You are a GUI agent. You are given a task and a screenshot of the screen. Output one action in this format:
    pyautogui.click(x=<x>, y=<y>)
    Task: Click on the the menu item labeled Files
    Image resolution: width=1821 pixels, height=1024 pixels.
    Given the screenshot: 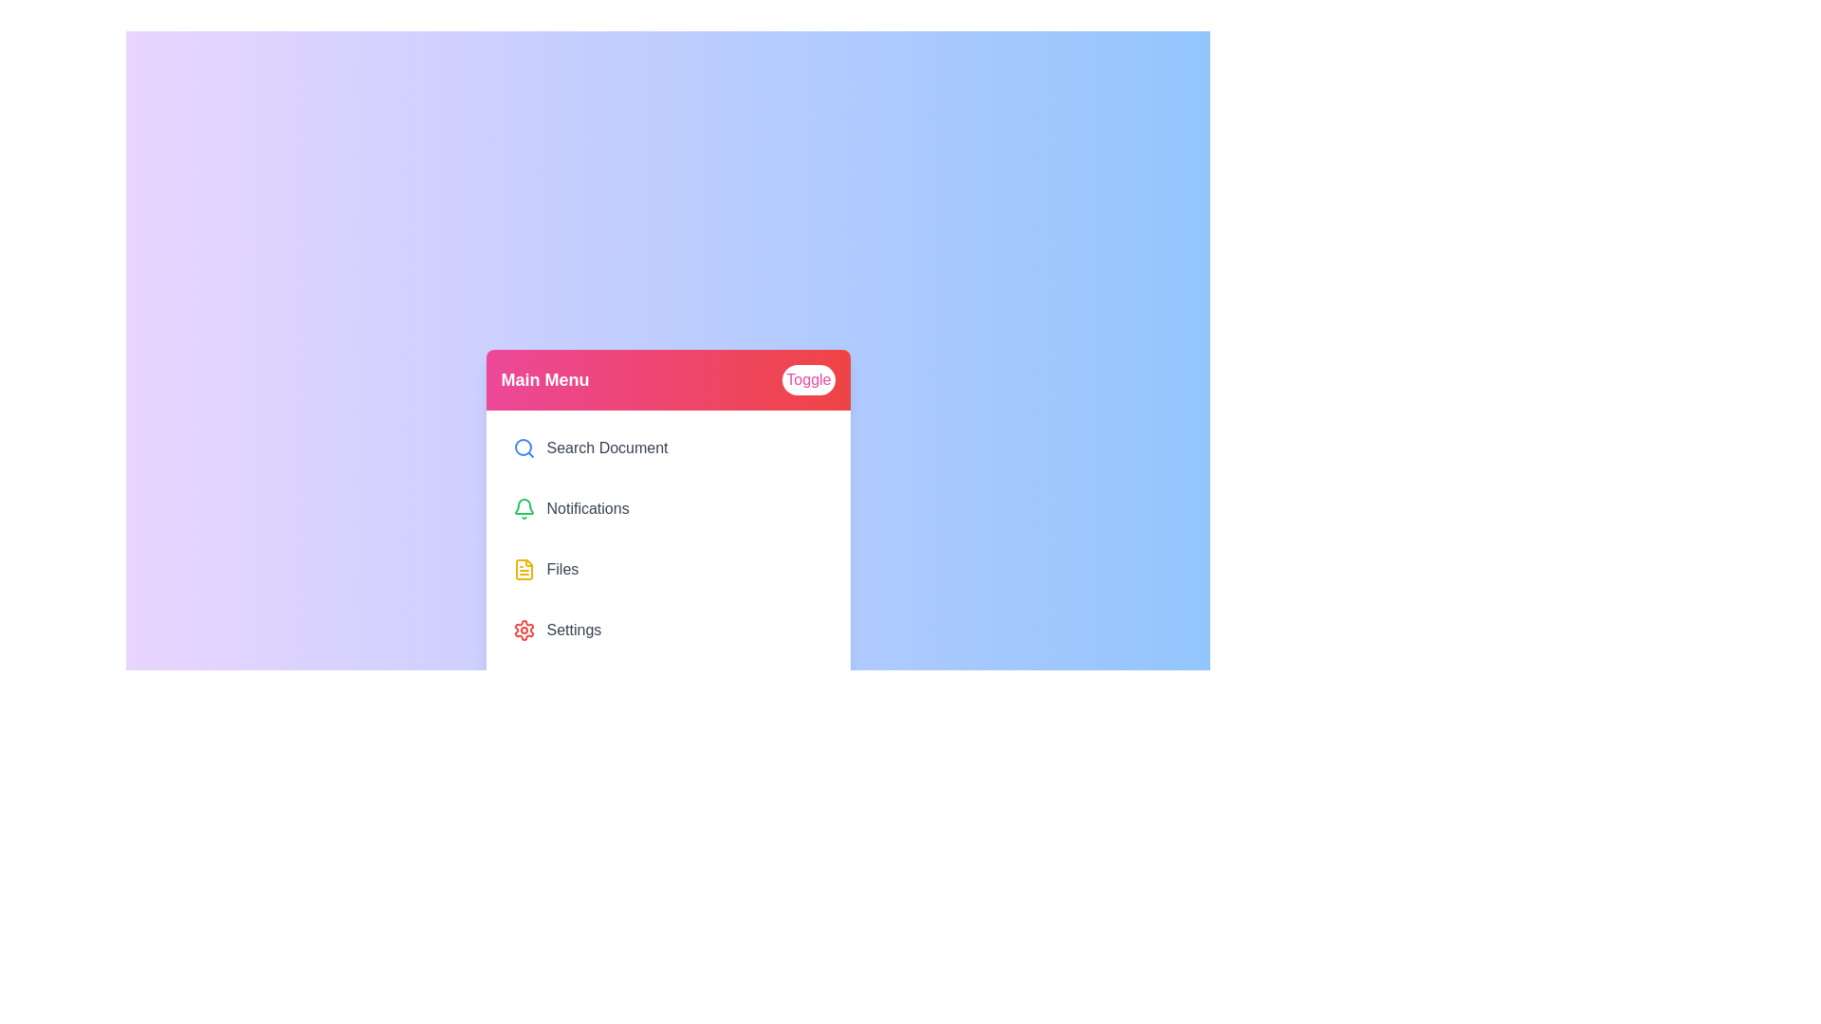 What is the action you would take?
    pyautogui.click(x=668, y=569)
    